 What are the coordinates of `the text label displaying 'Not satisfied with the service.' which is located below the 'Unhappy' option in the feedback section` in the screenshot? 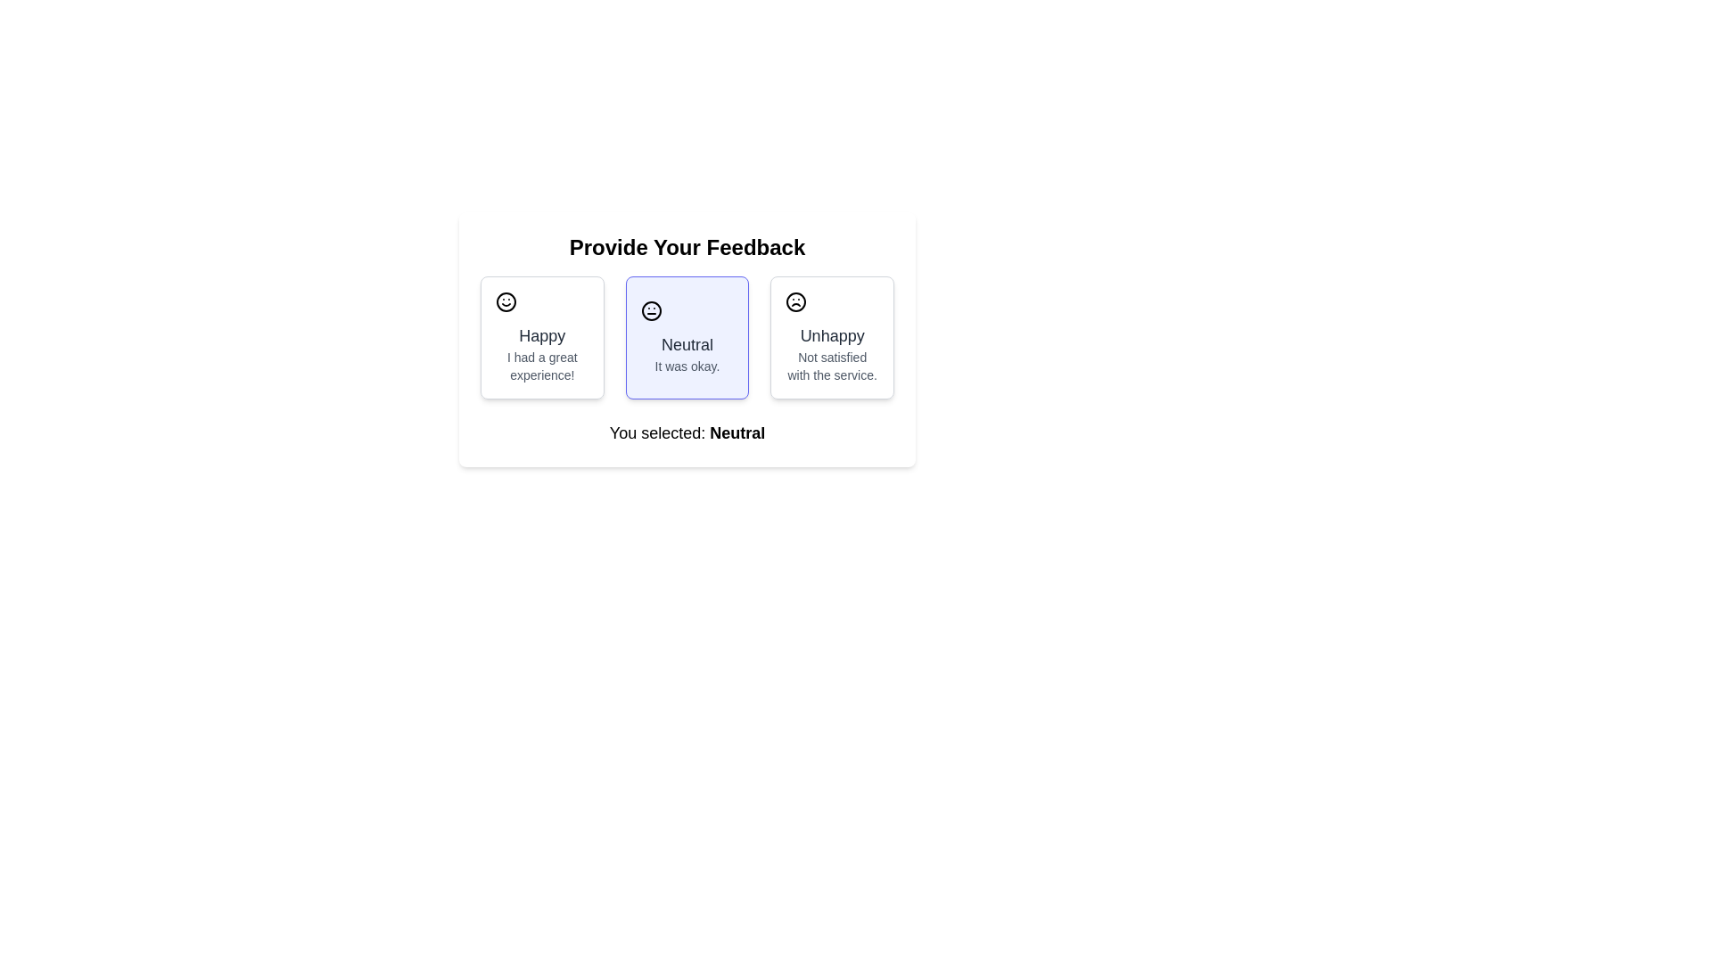 It's located at (831, 366).